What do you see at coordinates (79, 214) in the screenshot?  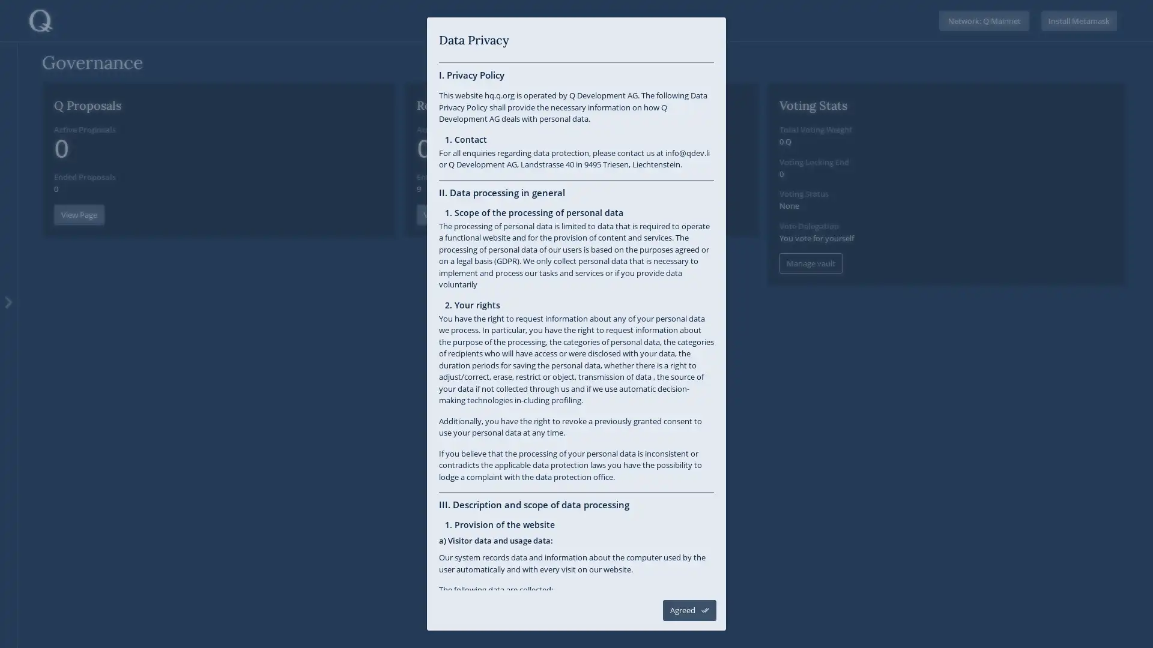 I see `View Page` at bounding box center [79, 214].